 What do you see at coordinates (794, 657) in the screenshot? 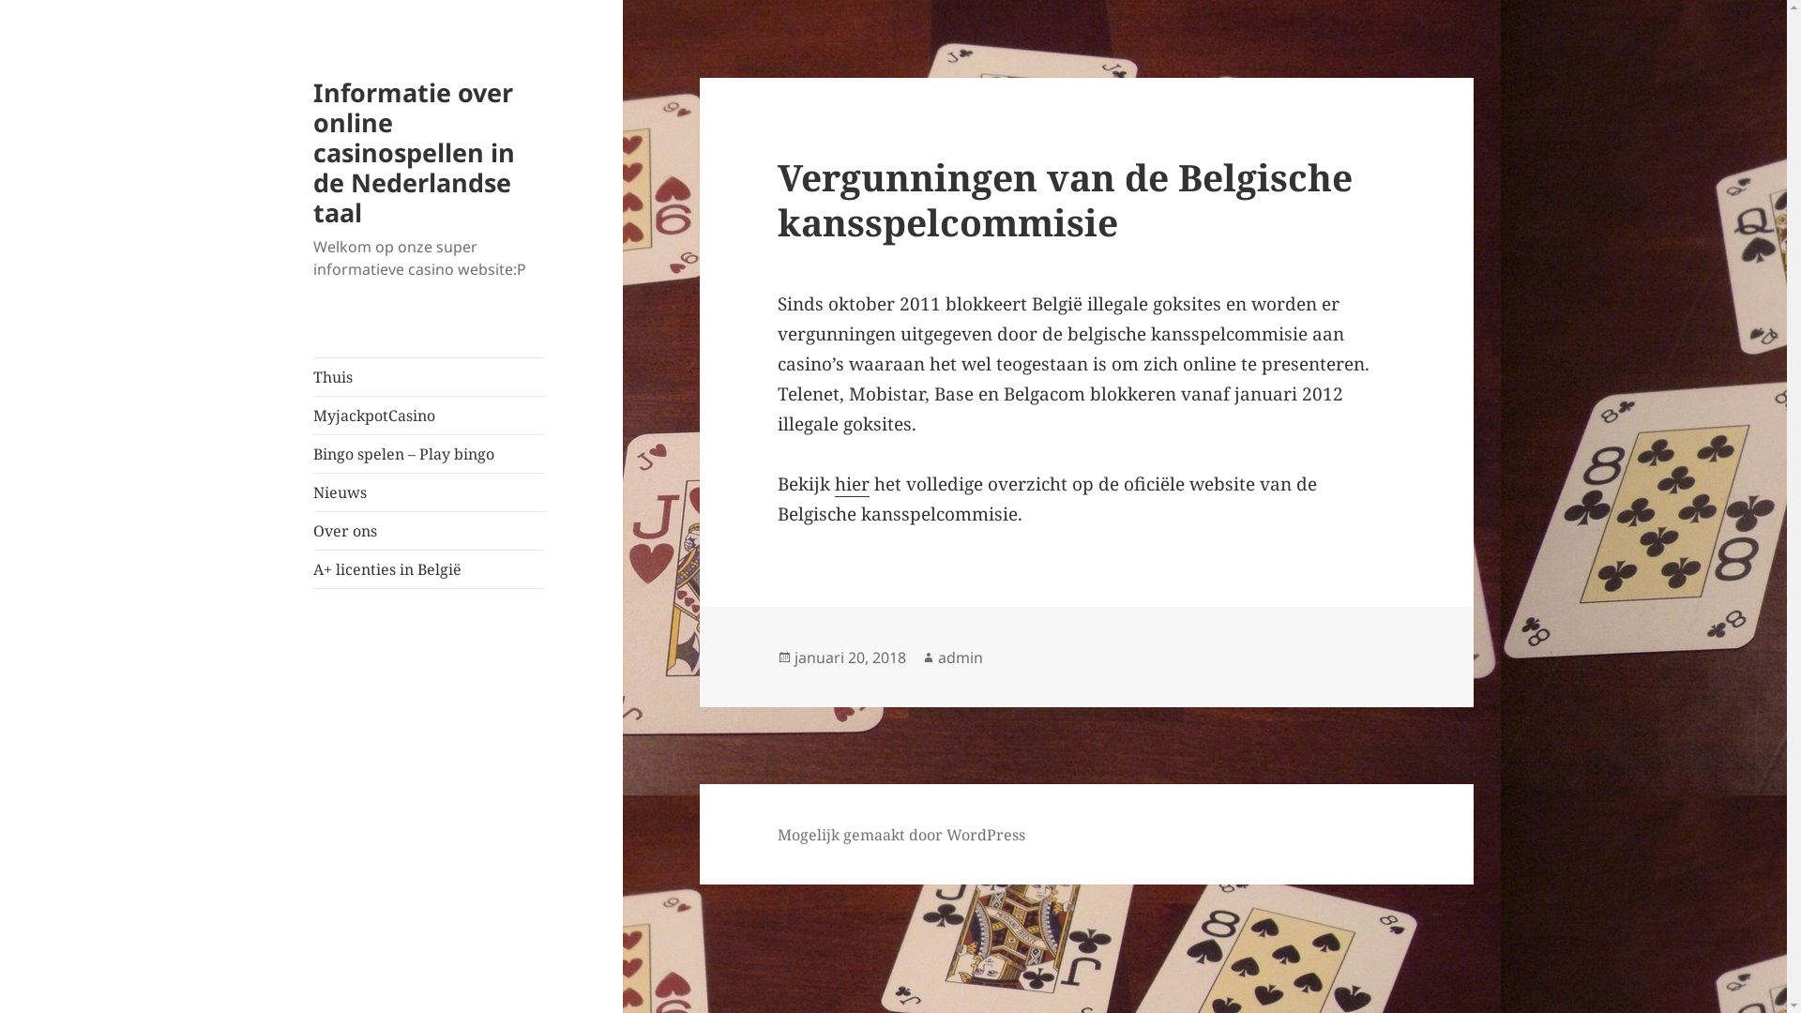
I see `'januari 20, 2018'` at bounding box center [794, 657].